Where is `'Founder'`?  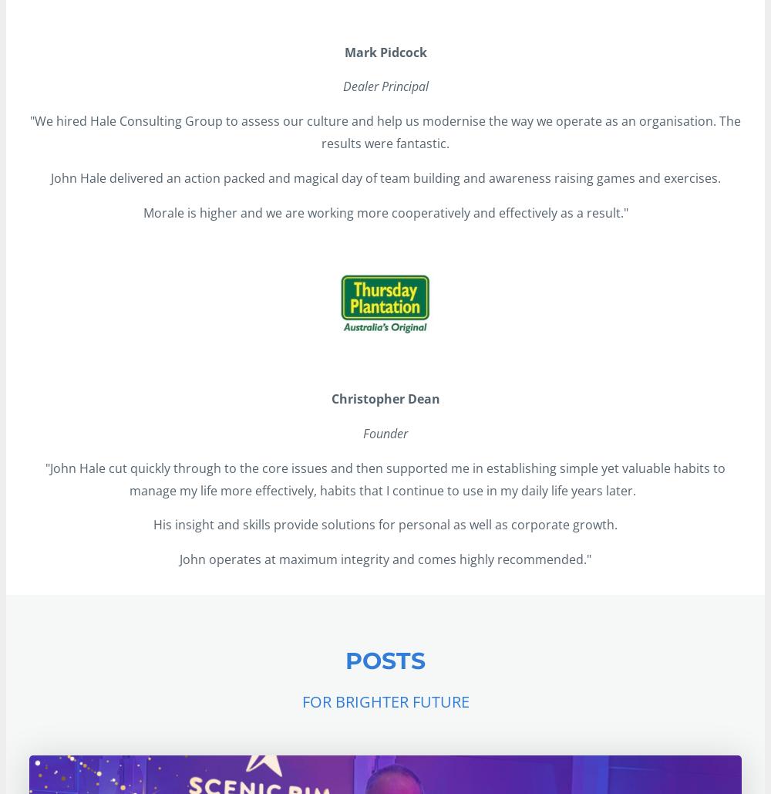 'Founder' is located at coordinates (385, 432).